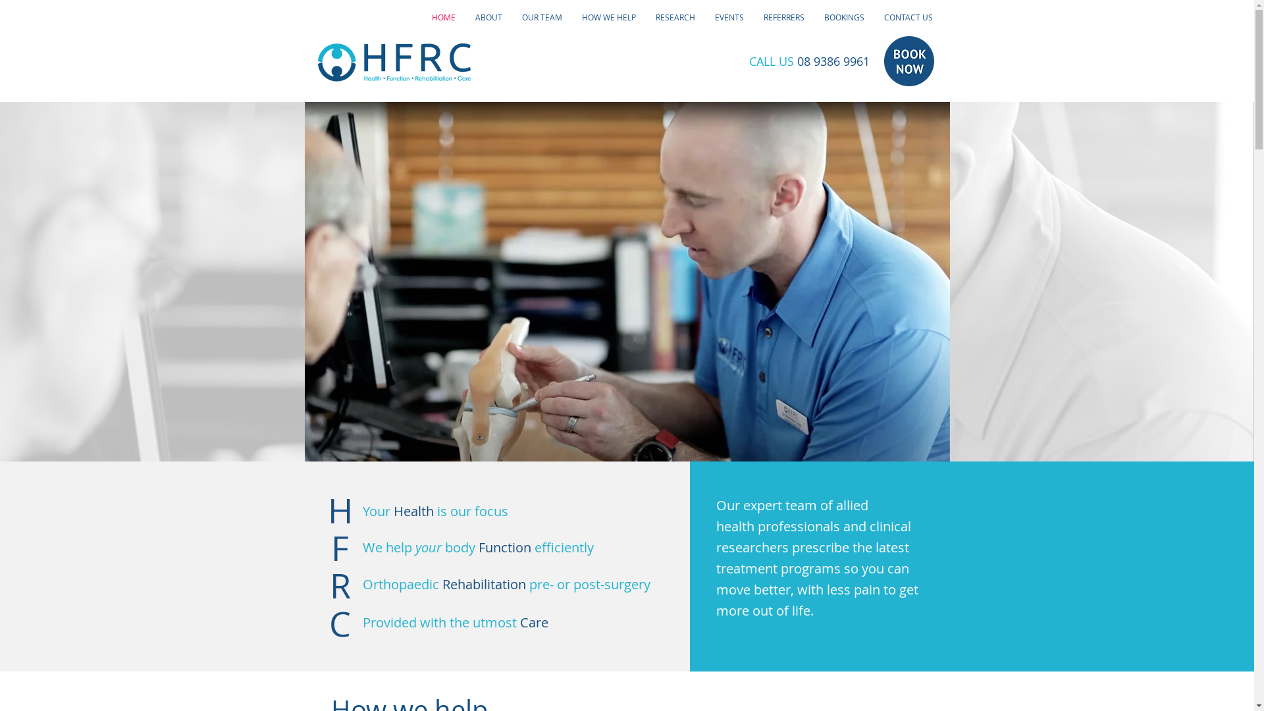 The width and height of the screenshot is (1264, 711). Describe the element at coordinates (464, 17) in the screenshot. I see `'ABOUT'` at that location.